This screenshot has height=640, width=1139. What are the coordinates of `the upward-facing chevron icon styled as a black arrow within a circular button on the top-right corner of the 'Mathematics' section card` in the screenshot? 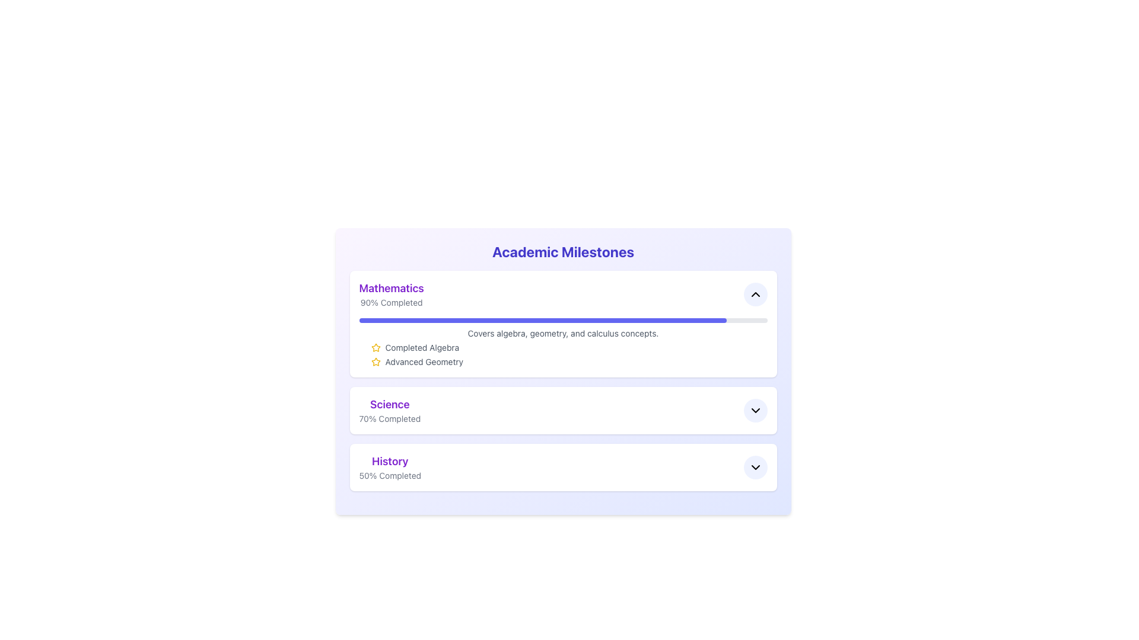 It's located at (755, 294).